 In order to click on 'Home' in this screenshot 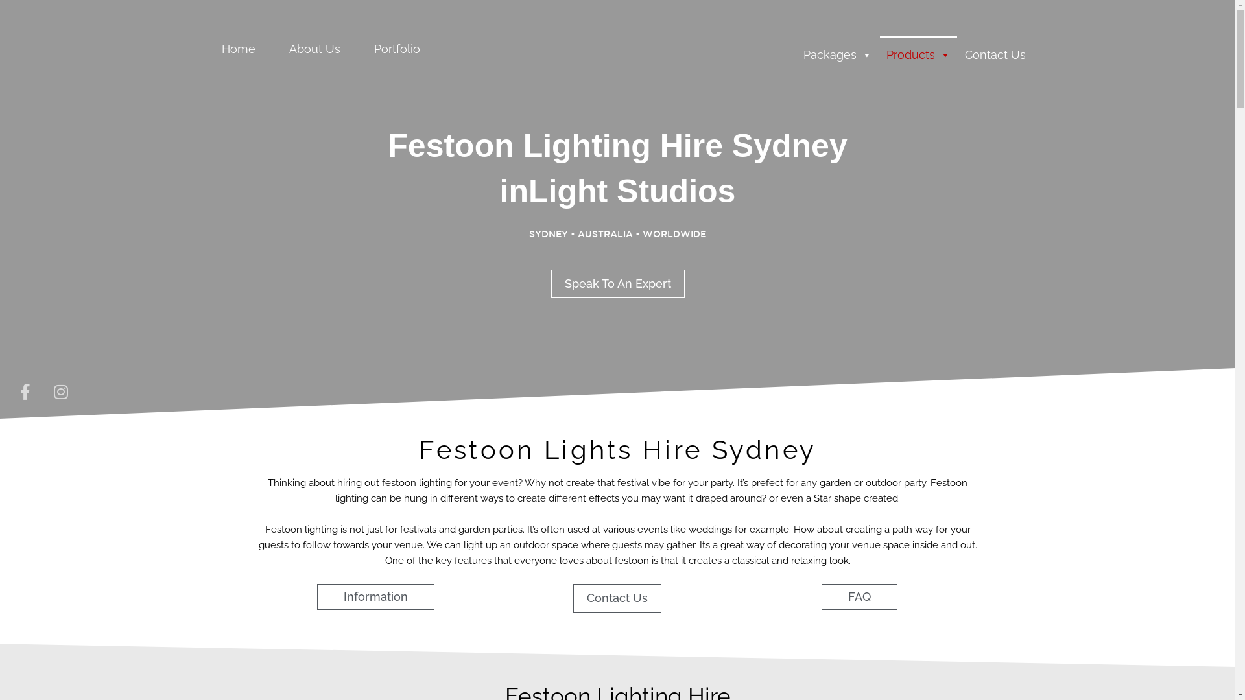, I will do `click(204, 49)`.